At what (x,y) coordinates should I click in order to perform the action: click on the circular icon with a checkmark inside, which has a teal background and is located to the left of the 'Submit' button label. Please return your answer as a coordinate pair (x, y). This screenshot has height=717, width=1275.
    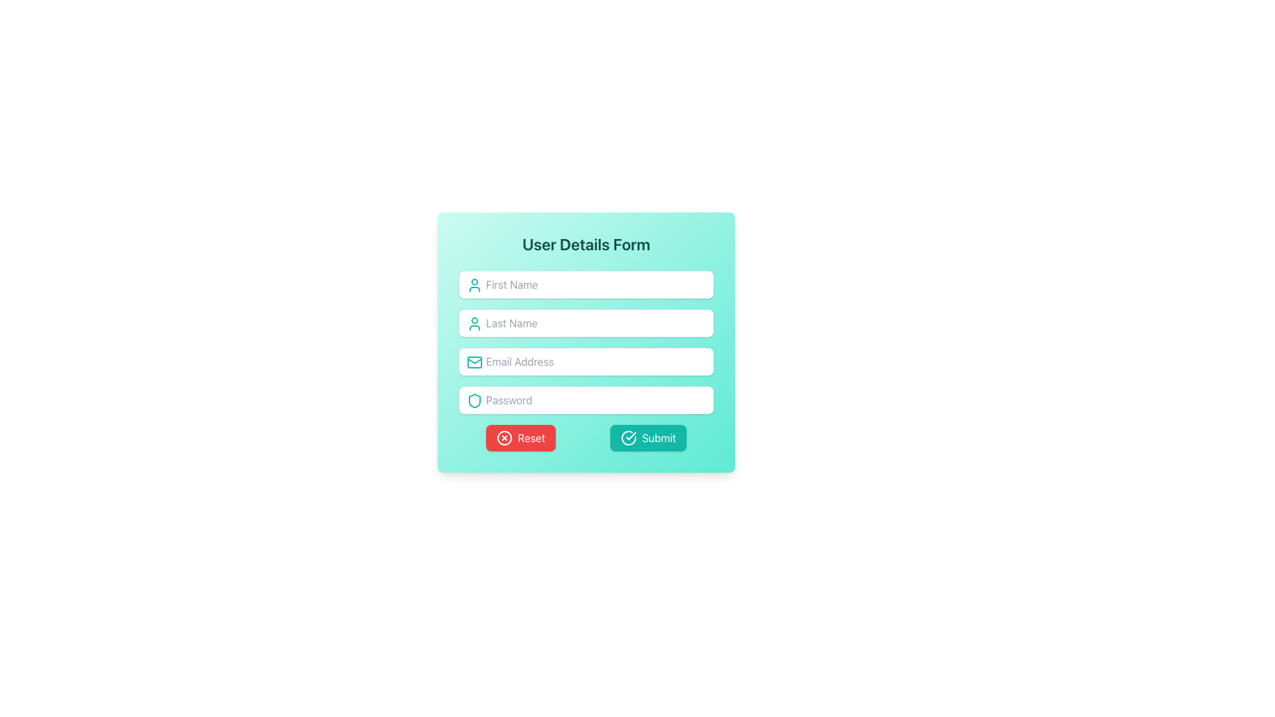
    Looking at the image, I should click on (628, 438).